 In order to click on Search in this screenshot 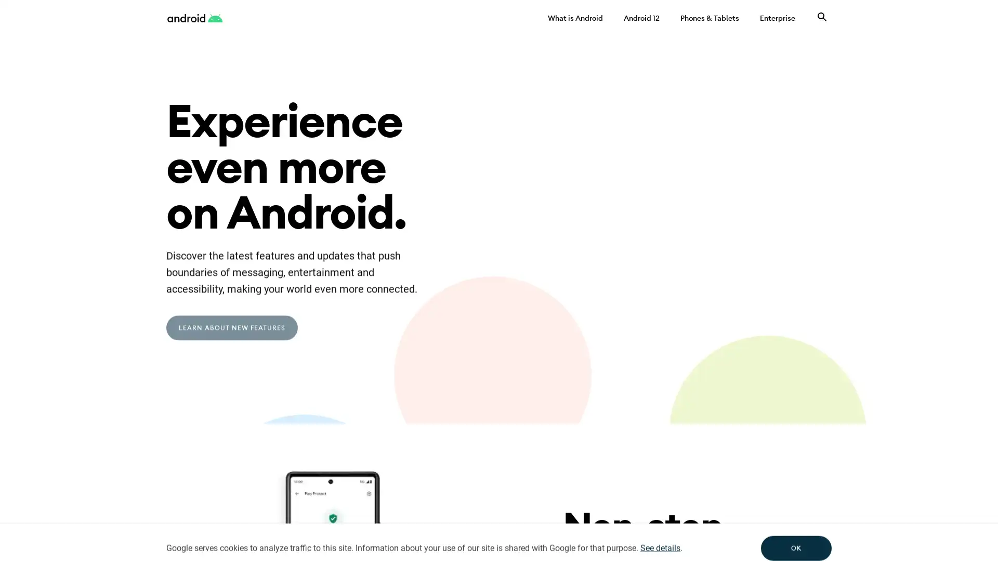, I will do `click(822, 18)`.